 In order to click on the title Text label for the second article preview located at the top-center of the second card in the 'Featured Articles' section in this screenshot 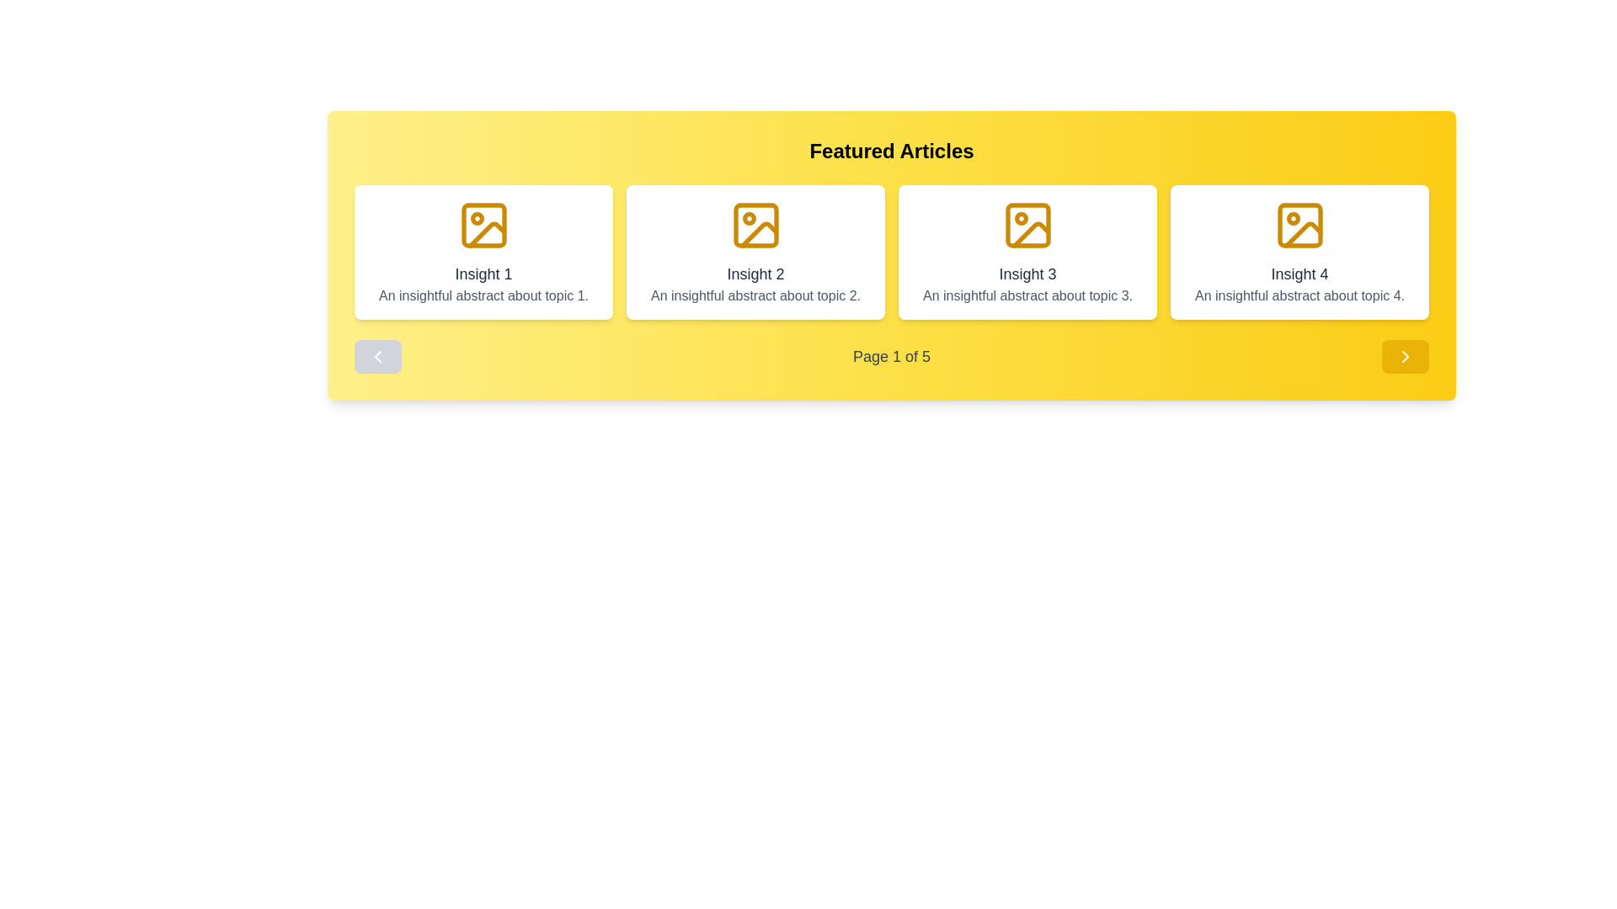, I will do `click(755, 274)`.